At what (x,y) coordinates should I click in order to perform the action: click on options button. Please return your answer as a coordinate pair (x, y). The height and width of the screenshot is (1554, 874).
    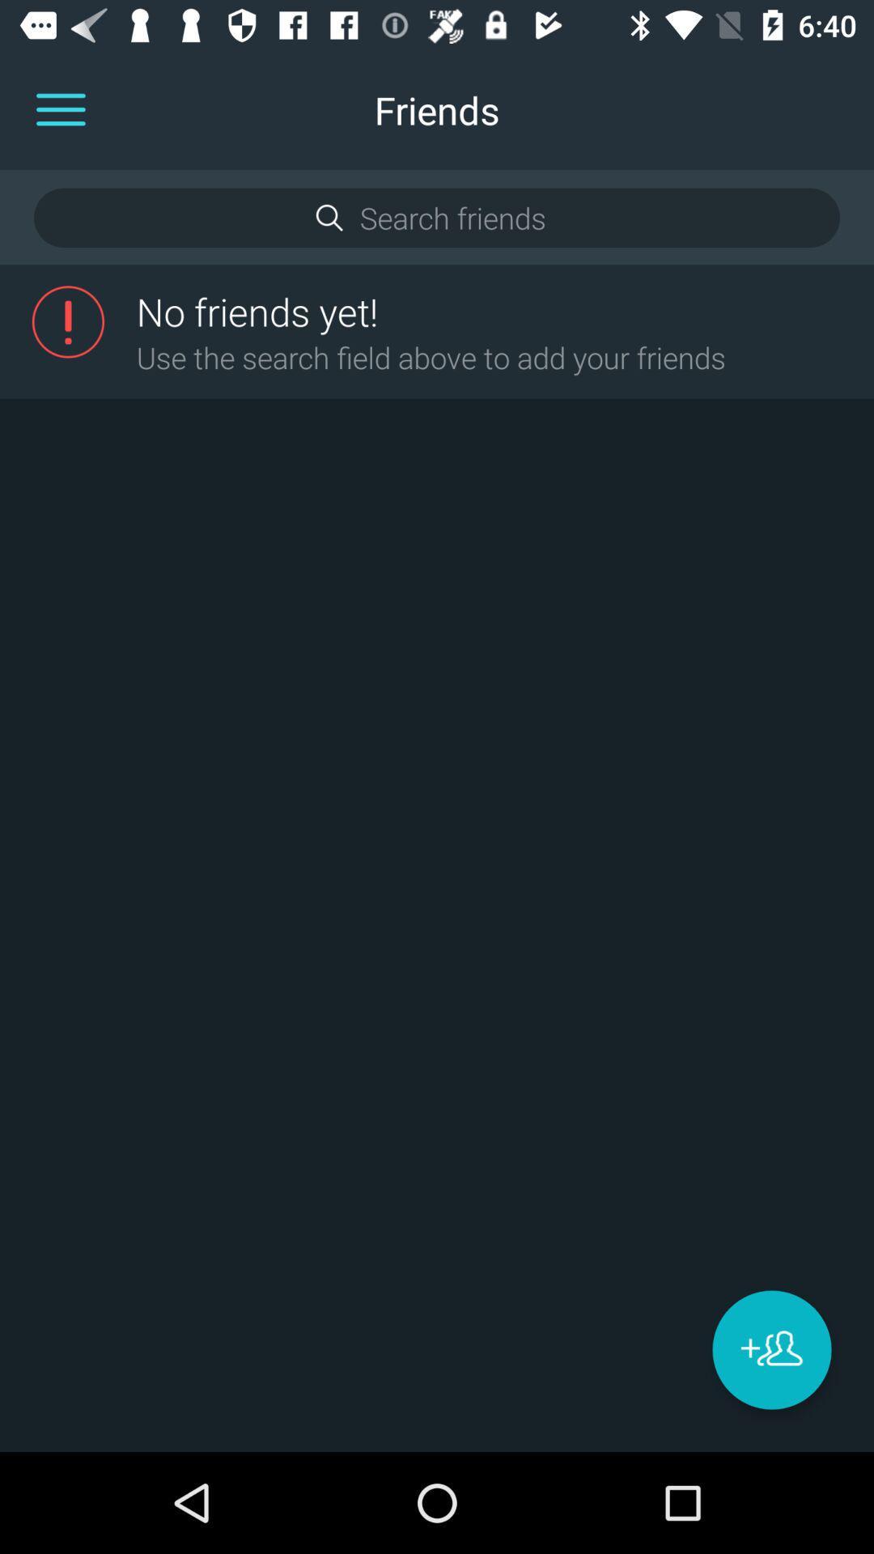
    Looking at the image, I should click on (60, 109).